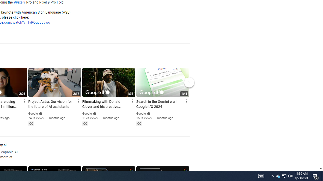 This screenshot has height=181, width=323. What do you see at coordinates (189, 82) in the screenshot?
I see `'Next'` at bounding box center [189, 82].